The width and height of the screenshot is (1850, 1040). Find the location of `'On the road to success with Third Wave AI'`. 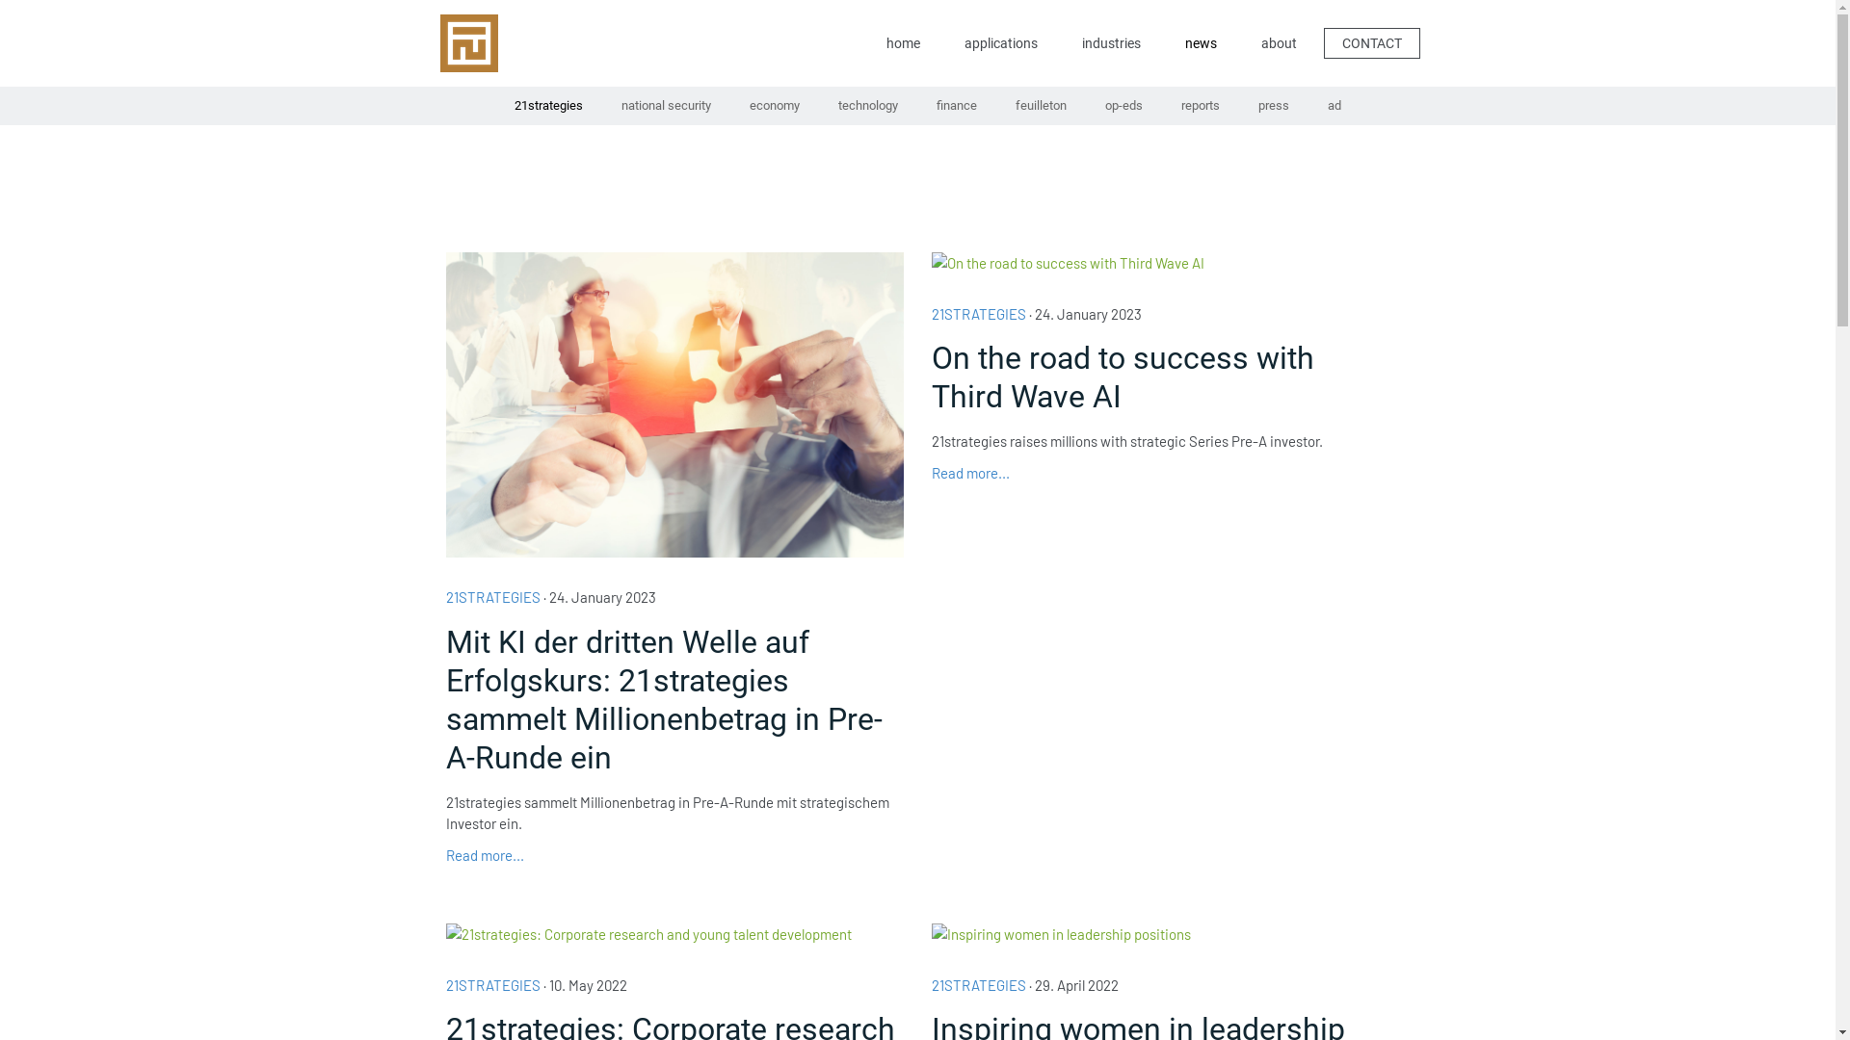

'On the road to success with Third Wave AI' is located at coordinates (1159, 377).